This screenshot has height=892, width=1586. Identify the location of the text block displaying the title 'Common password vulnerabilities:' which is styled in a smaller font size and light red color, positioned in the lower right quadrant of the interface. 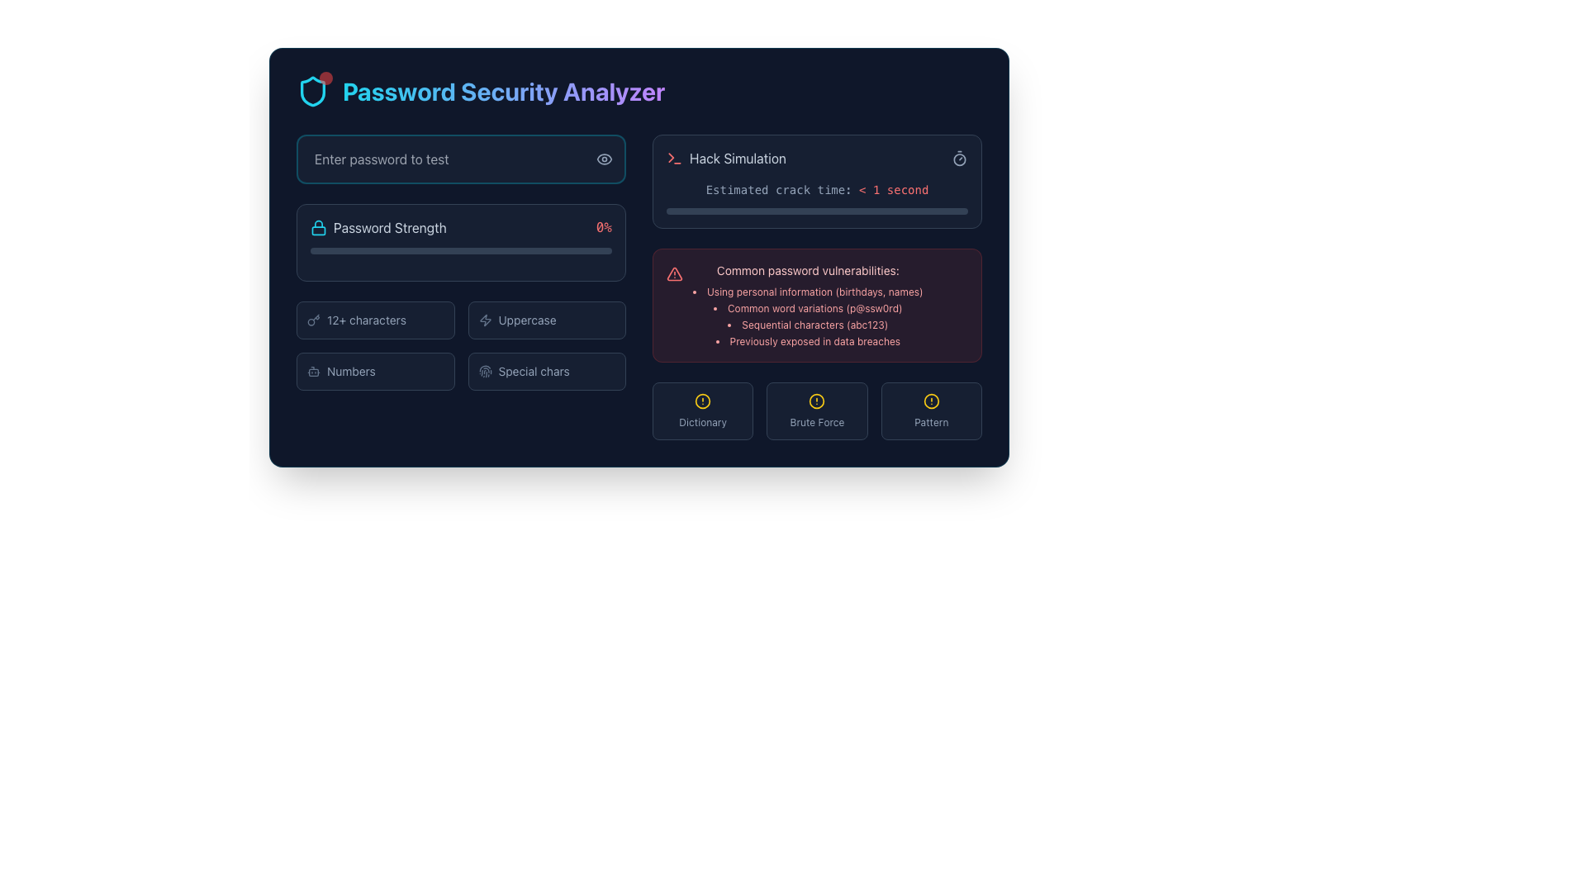
(808, 269).